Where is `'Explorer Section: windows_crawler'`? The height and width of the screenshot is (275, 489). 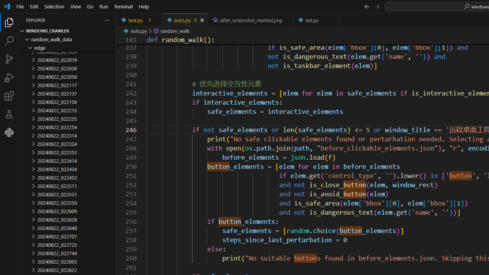 'Explorer Section: windows_crawler' is located at coordinates (67, 31).